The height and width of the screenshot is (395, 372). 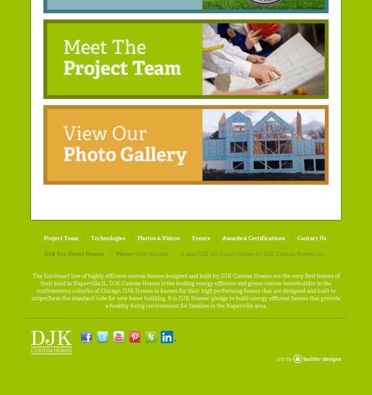 I want to click on 'Phone:', so click(x=125, y=253).